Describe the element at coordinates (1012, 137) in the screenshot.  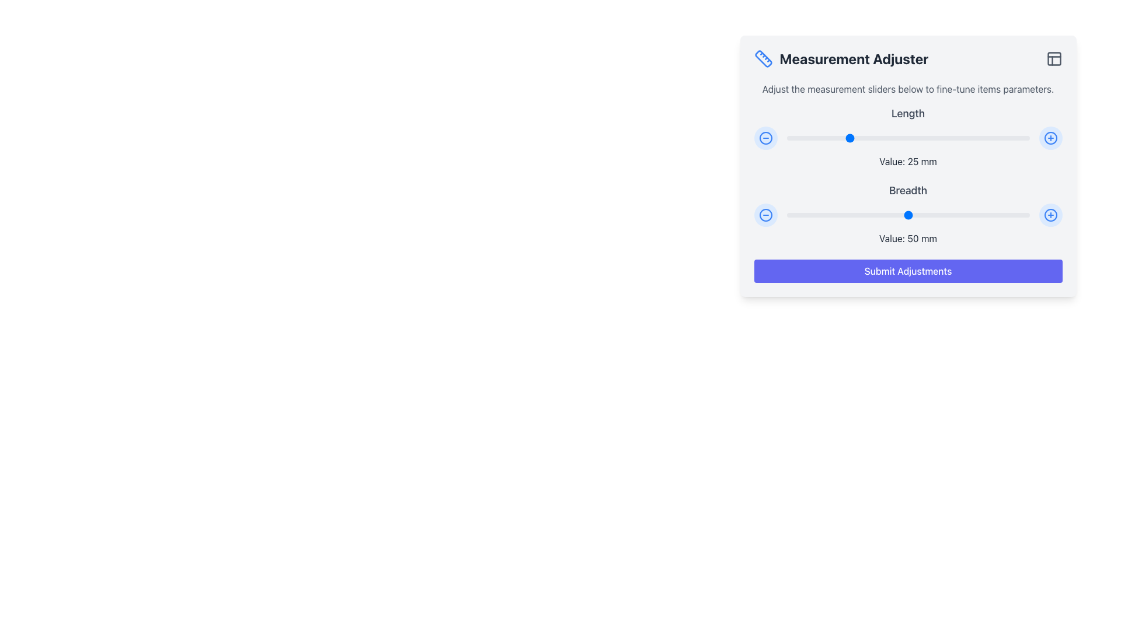
I see `the length adjustment slider` at that location.